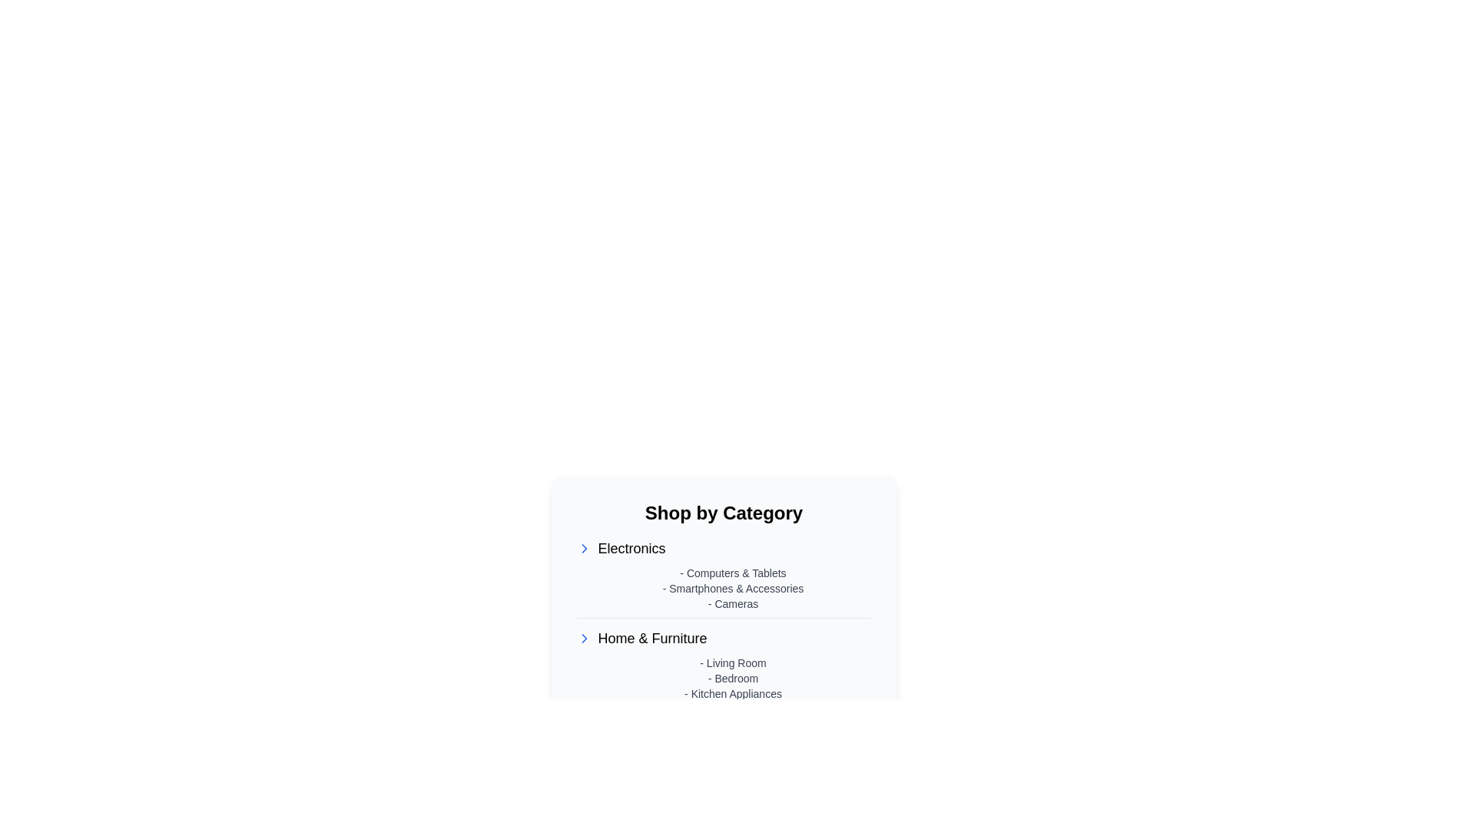  I want to click on the chevron icon located to the left of the 'Home & Furniture' text, so click(583, 638).